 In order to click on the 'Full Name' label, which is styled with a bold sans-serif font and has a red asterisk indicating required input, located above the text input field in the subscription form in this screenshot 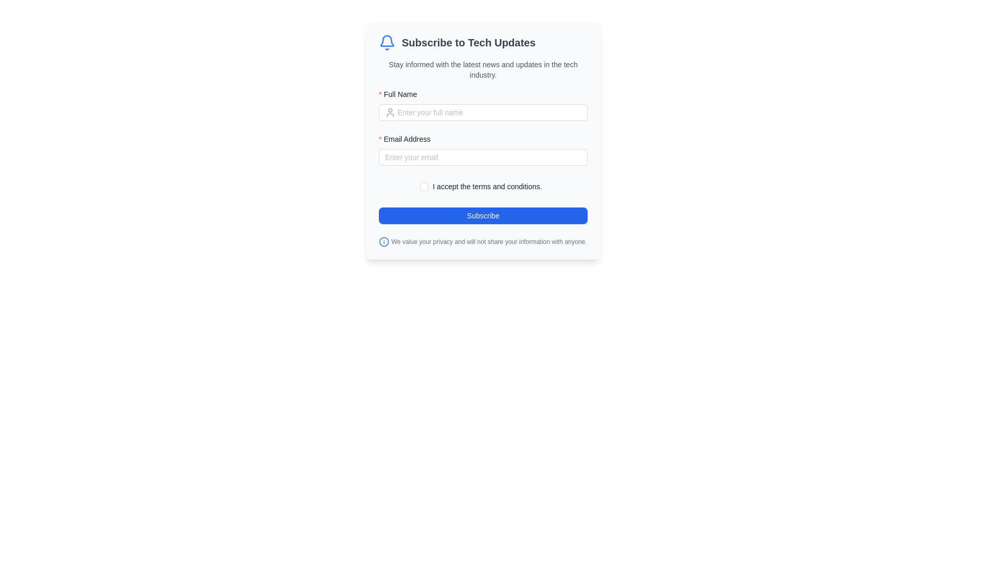, I will do `click(483, 96)`.